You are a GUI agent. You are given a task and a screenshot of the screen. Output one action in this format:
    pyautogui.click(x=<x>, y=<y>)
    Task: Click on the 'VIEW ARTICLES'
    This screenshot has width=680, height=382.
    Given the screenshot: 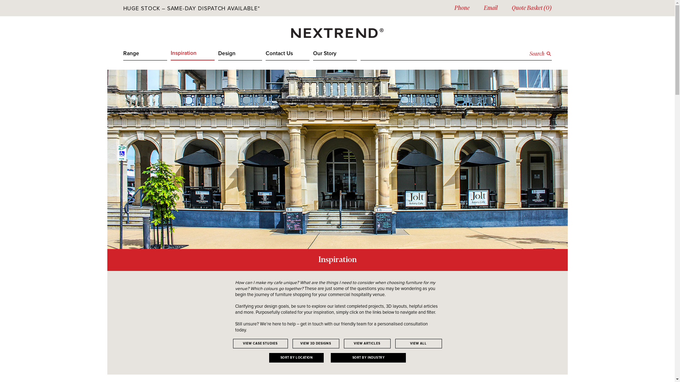 What is the action you would take?
    pyautogui.click(x=367, y=343)
    